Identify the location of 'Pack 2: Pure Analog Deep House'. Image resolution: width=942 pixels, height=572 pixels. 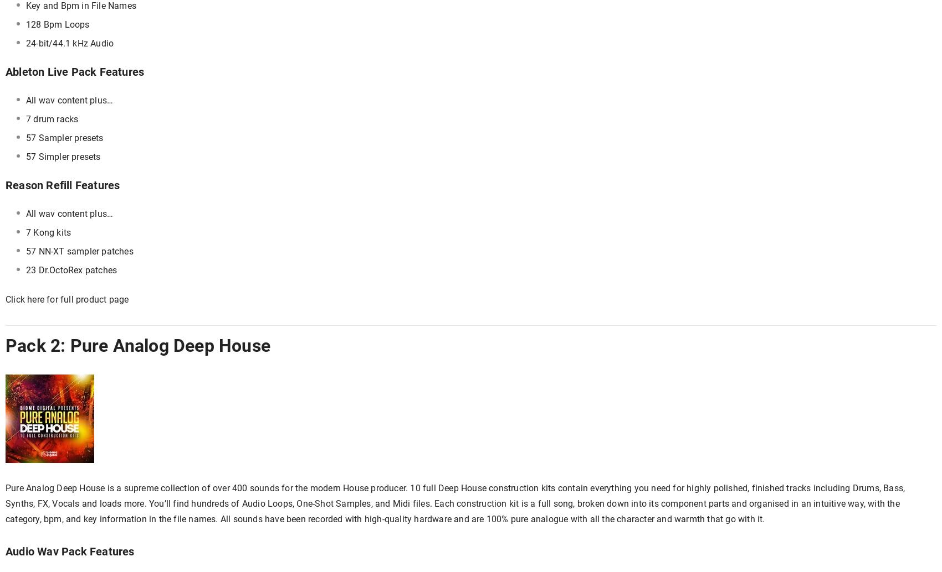
(6, 345).